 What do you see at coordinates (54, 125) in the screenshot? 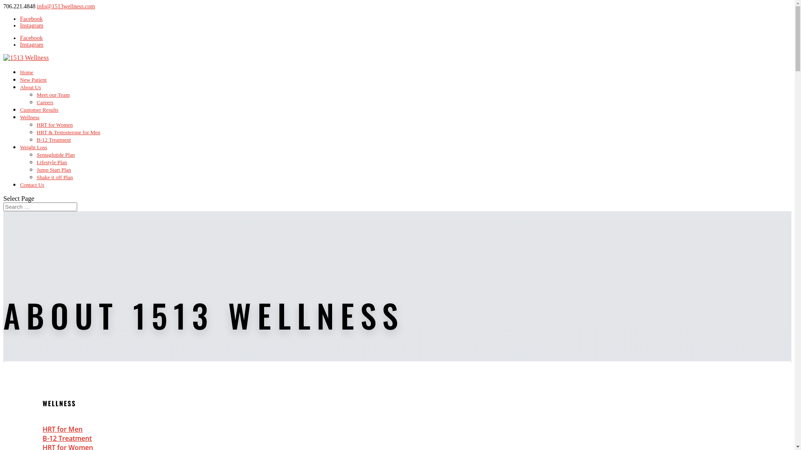
I see `'HRT for Women'` at bounding box center [54, 125].